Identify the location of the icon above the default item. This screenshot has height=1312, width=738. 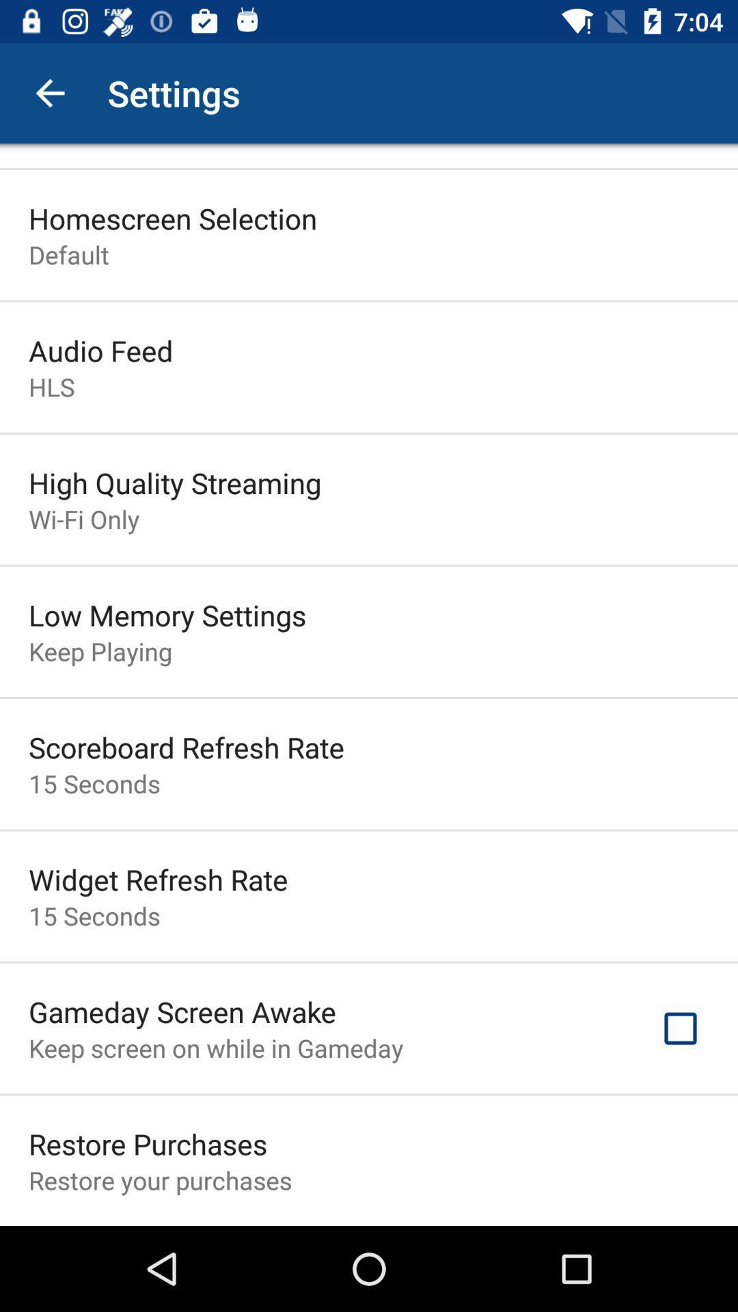
(172, 217).